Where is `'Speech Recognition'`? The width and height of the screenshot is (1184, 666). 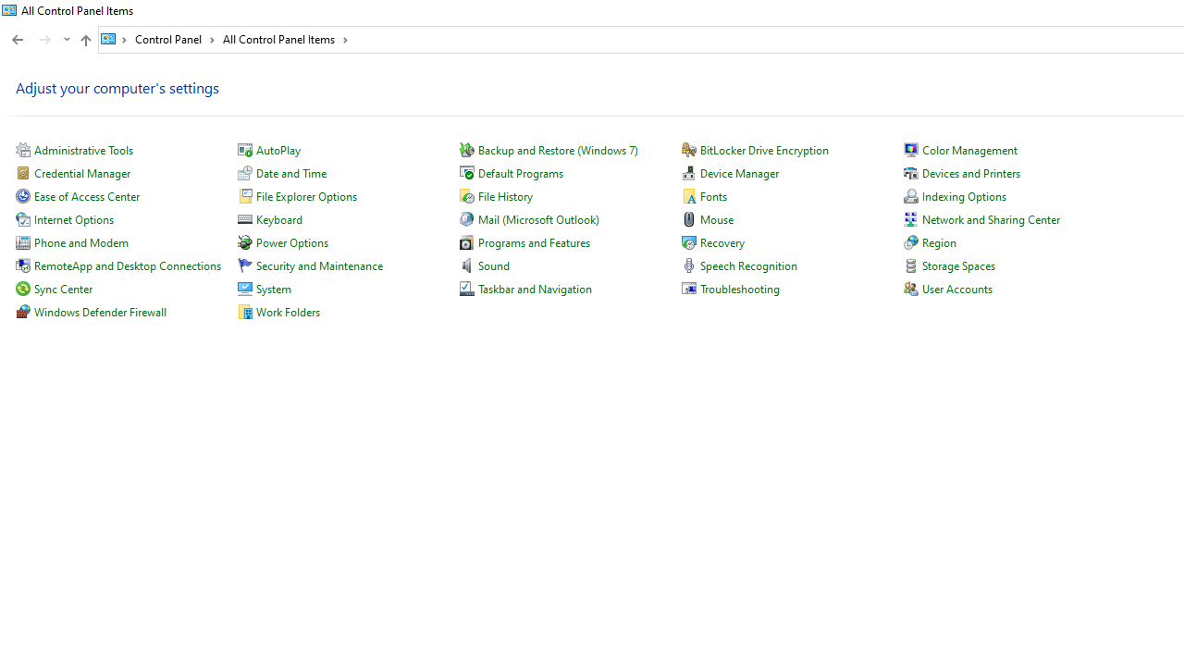 'Speech Recognition' is located at coordinates (748, 265).